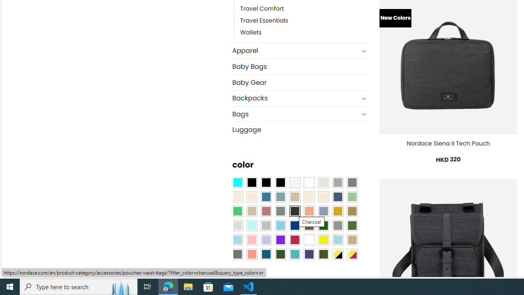 The width and height of the screenshot is (524, 295). What do you see at coordinates (295, 182) in the screenshot?
I see `'Pearly White'` at bounding box center [295, 182].